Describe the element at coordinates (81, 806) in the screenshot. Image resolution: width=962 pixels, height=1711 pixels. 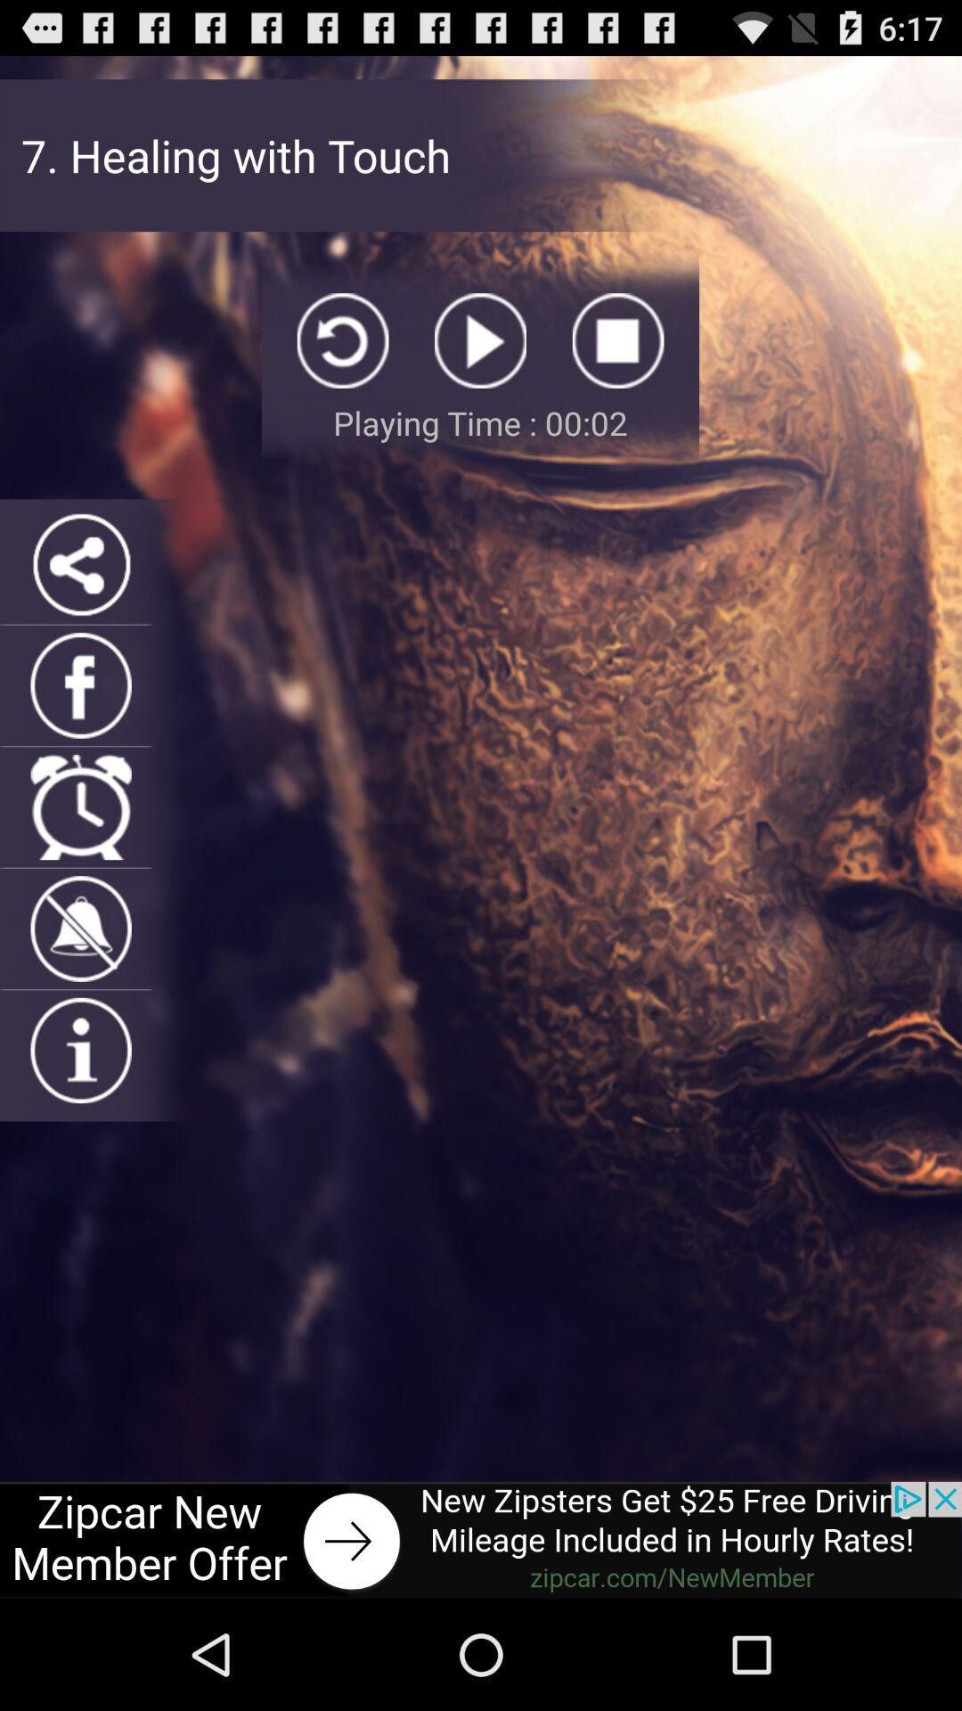
I see `open up timer` at that location.